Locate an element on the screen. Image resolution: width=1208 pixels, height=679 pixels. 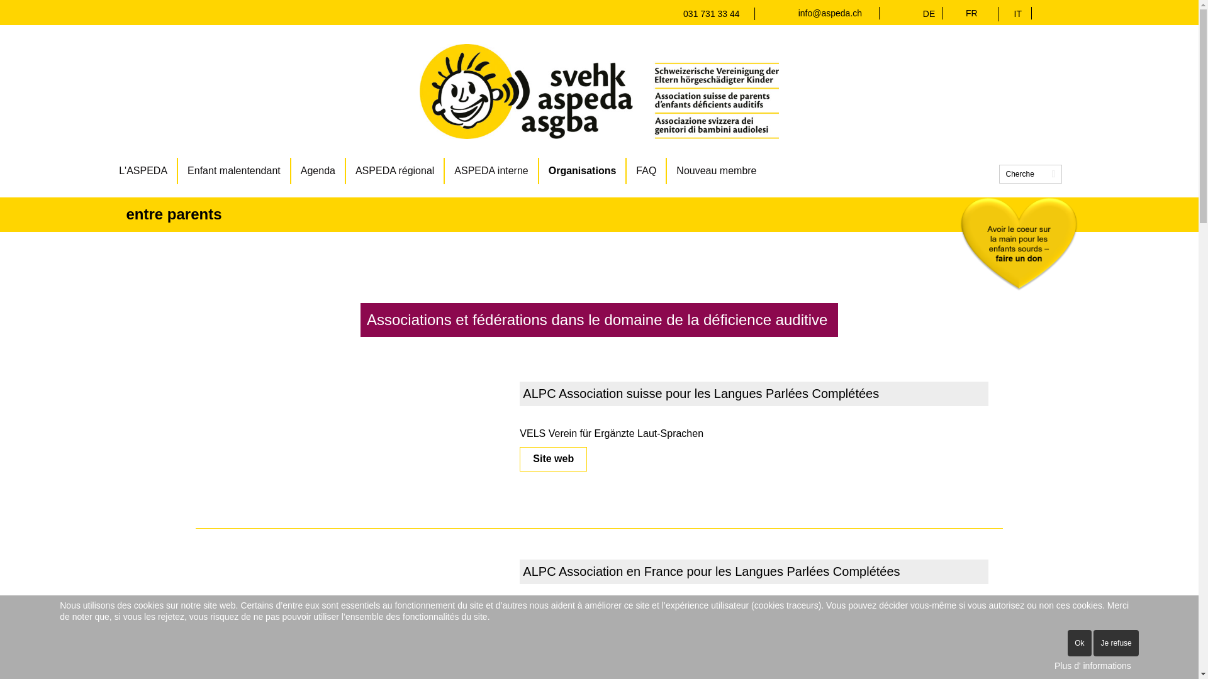
'FAQ' is located at coordinates (627, 171).